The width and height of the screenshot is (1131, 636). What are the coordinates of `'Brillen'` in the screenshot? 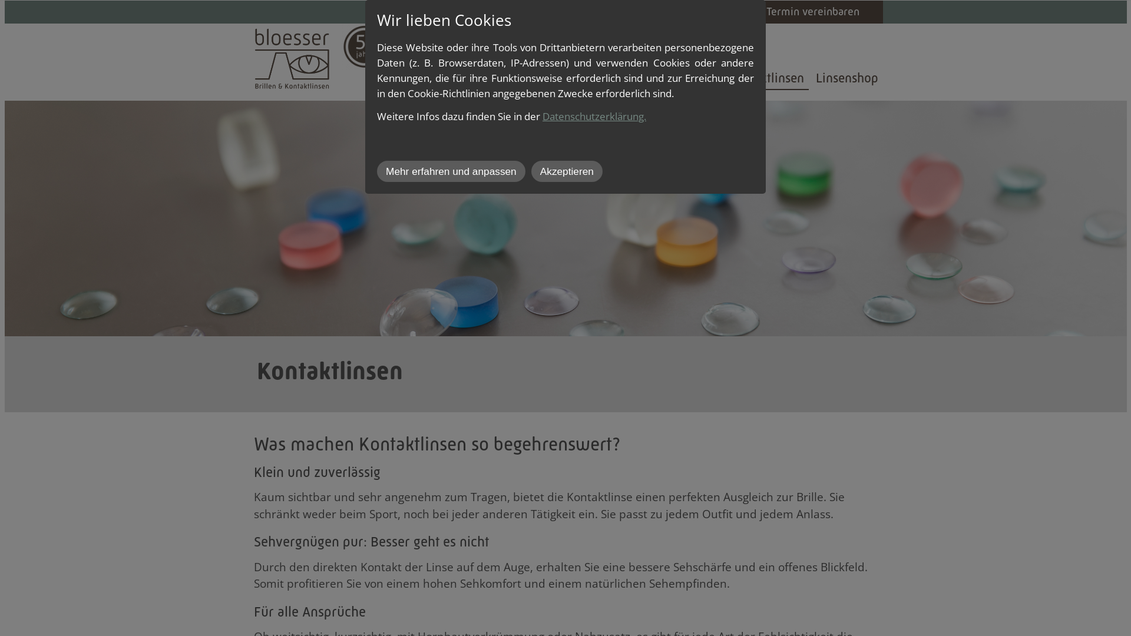 It's located at (698, 77).